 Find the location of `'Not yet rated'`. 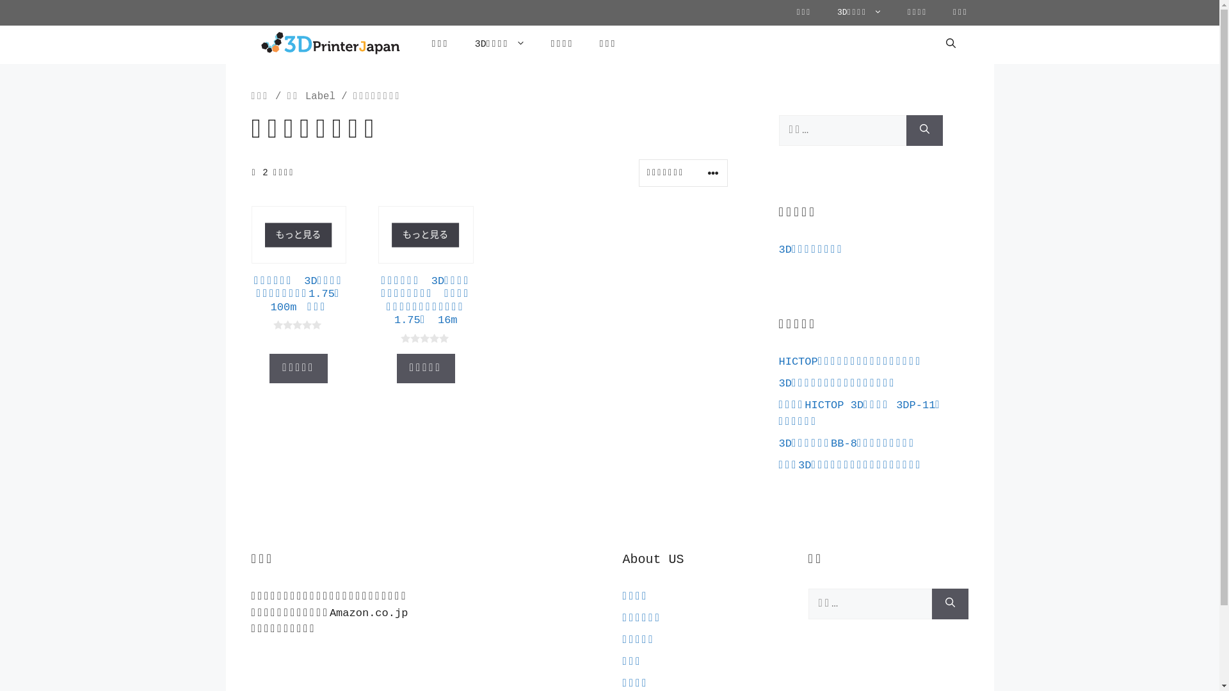

'Not yet rated' is located at coordinates (298, 324).